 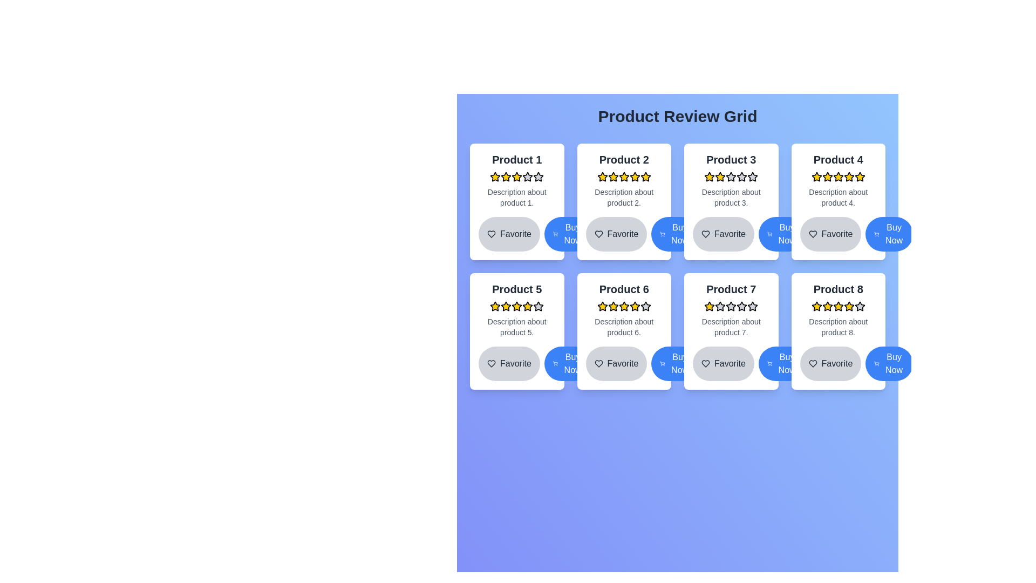 I want to click on the heart-shaped wireframe icon within the 'Favorite' button located below the rating stars for 'Product 3' in the product grid, so click(x=706, y=234).